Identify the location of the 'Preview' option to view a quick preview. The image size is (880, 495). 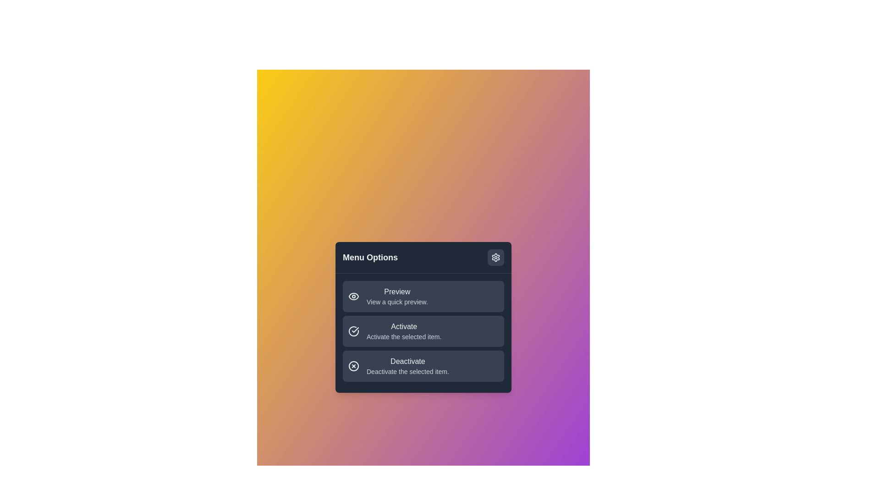
(423, 296).